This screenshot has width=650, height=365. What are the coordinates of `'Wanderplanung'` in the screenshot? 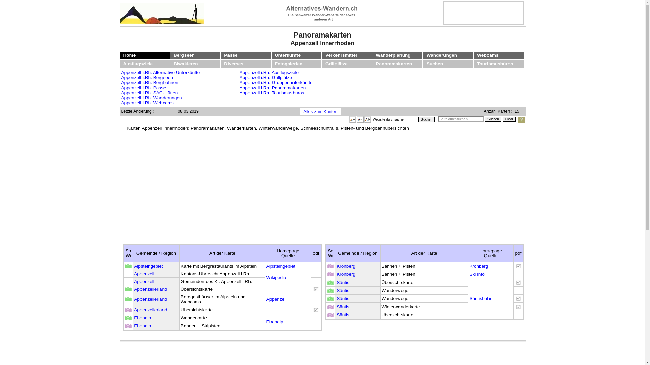 It's located at (393, 55).